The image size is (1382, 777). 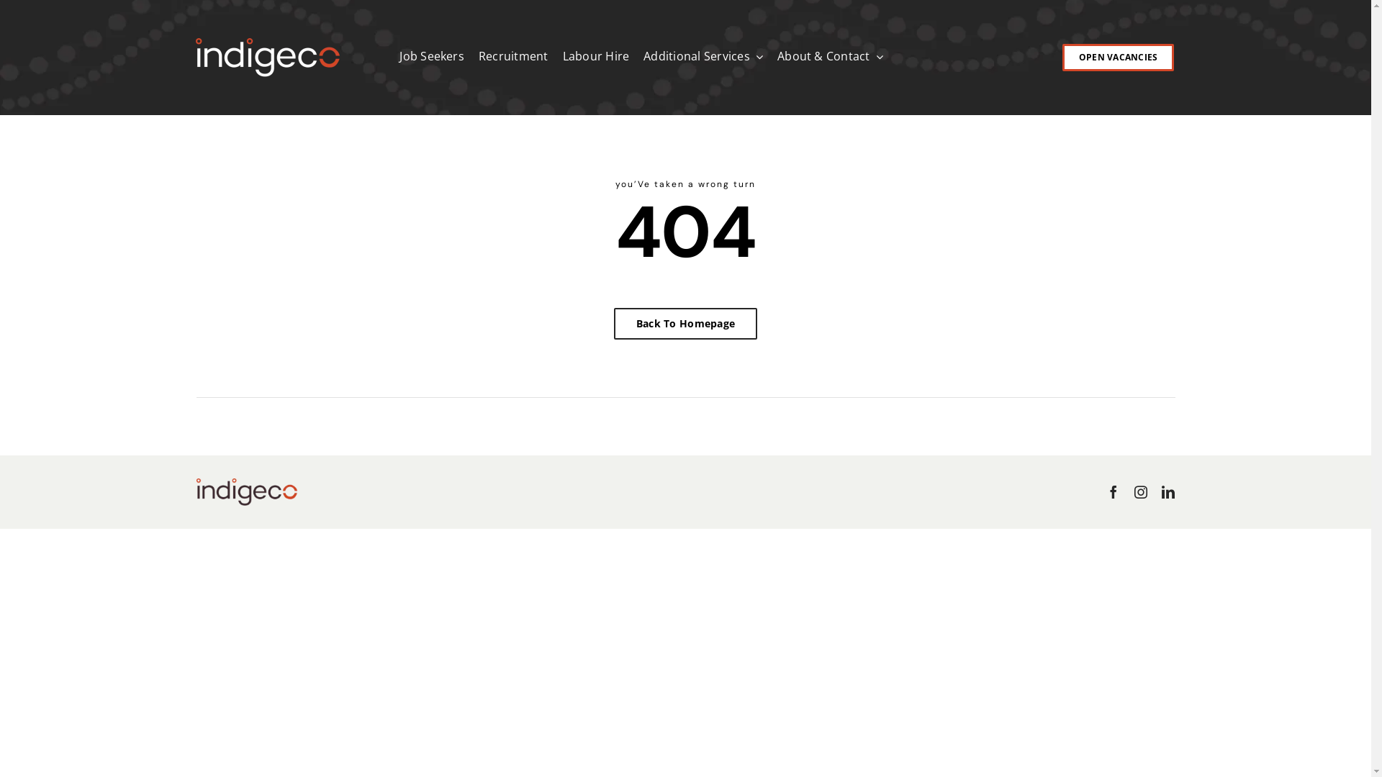 What do you see at coordinates (245, 491) in the screenshot?
I see `'0241 04 Indigeco COLOUR 512px'` at bounding box center [245, 491].